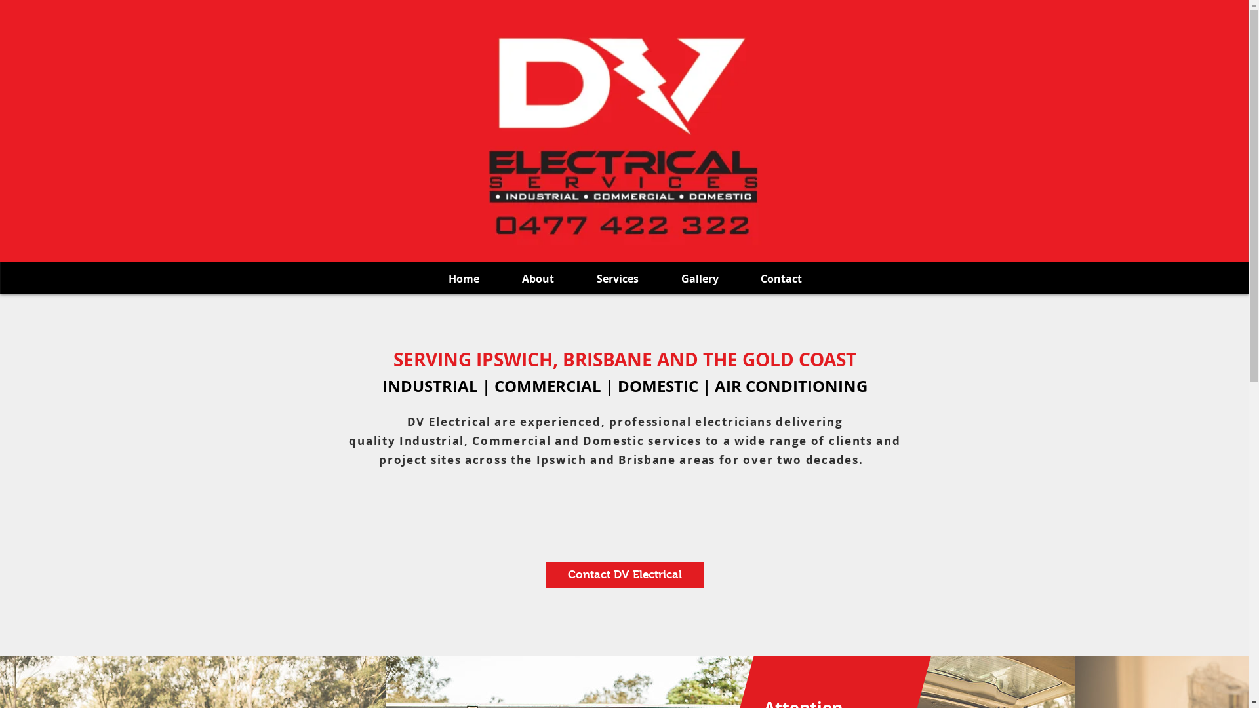  I want to click on 'About', so click(538, 278).